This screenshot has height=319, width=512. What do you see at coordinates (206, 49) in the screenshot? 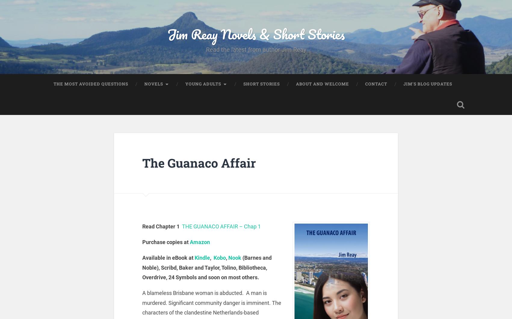
I see `'Read the latest from author Jim Reay'` at bounding box center [206, 49].